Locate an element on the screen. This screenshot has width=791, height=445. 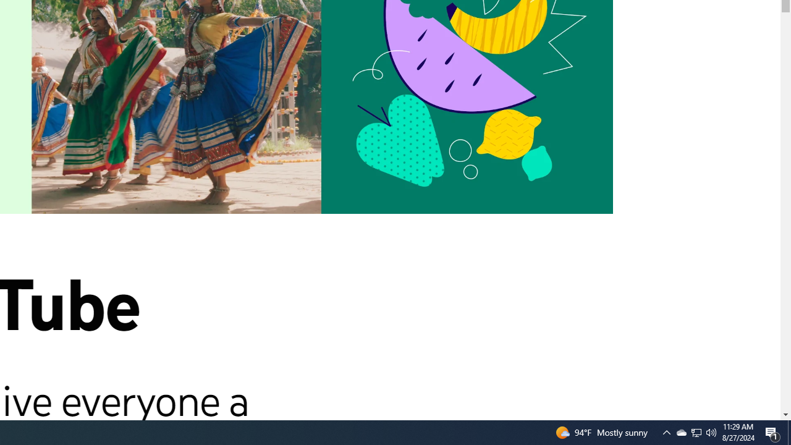
'Action Center, 1 new notification' is located at coordinates (789, 431).